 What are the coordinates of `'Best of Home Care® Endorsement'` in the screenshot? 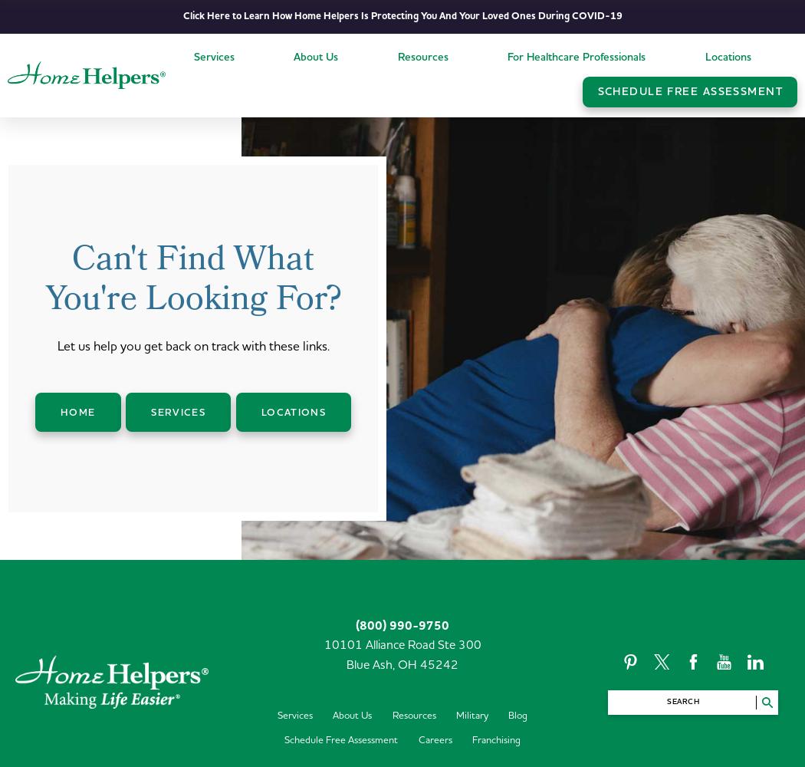 It's located at (373, 135).